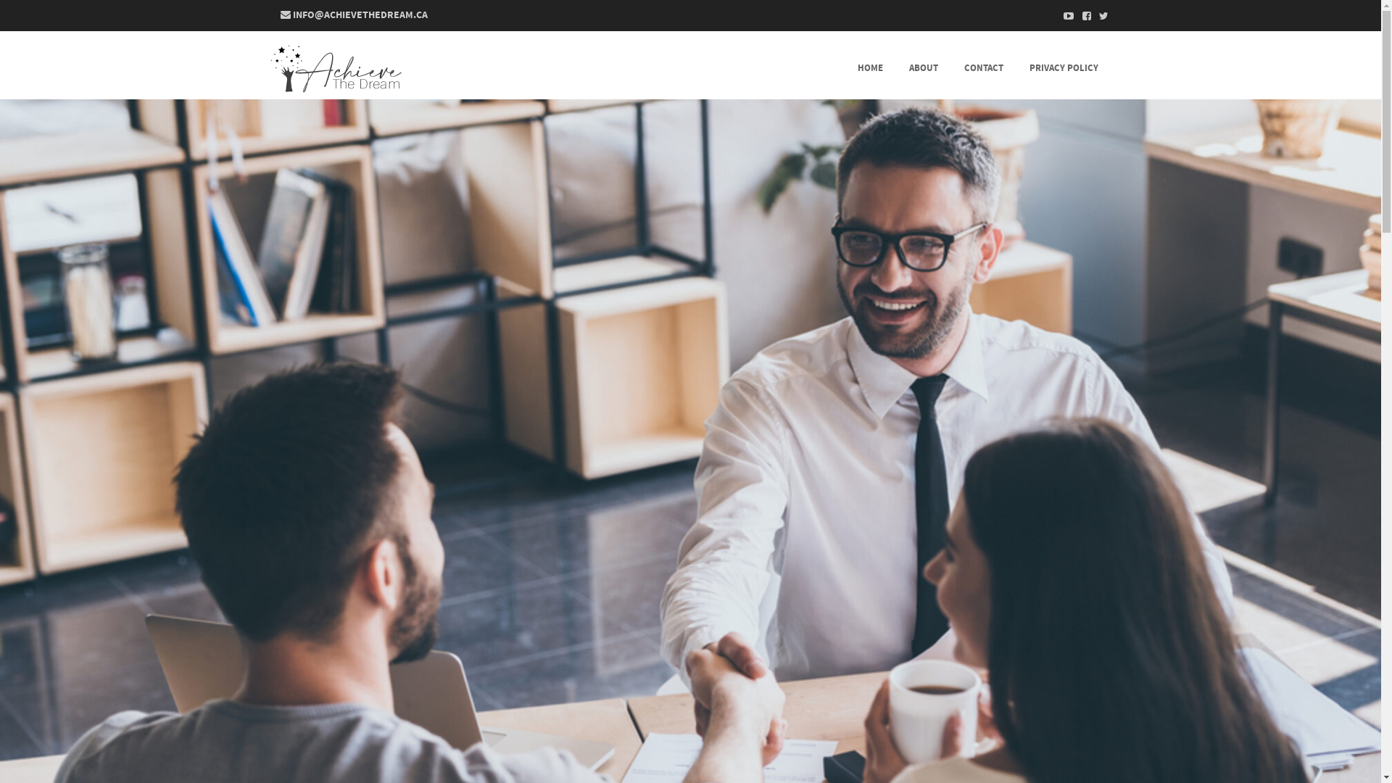 This screenshot has width=1392, height=783. I want to click on 'Youtube', so click(1055, 16).